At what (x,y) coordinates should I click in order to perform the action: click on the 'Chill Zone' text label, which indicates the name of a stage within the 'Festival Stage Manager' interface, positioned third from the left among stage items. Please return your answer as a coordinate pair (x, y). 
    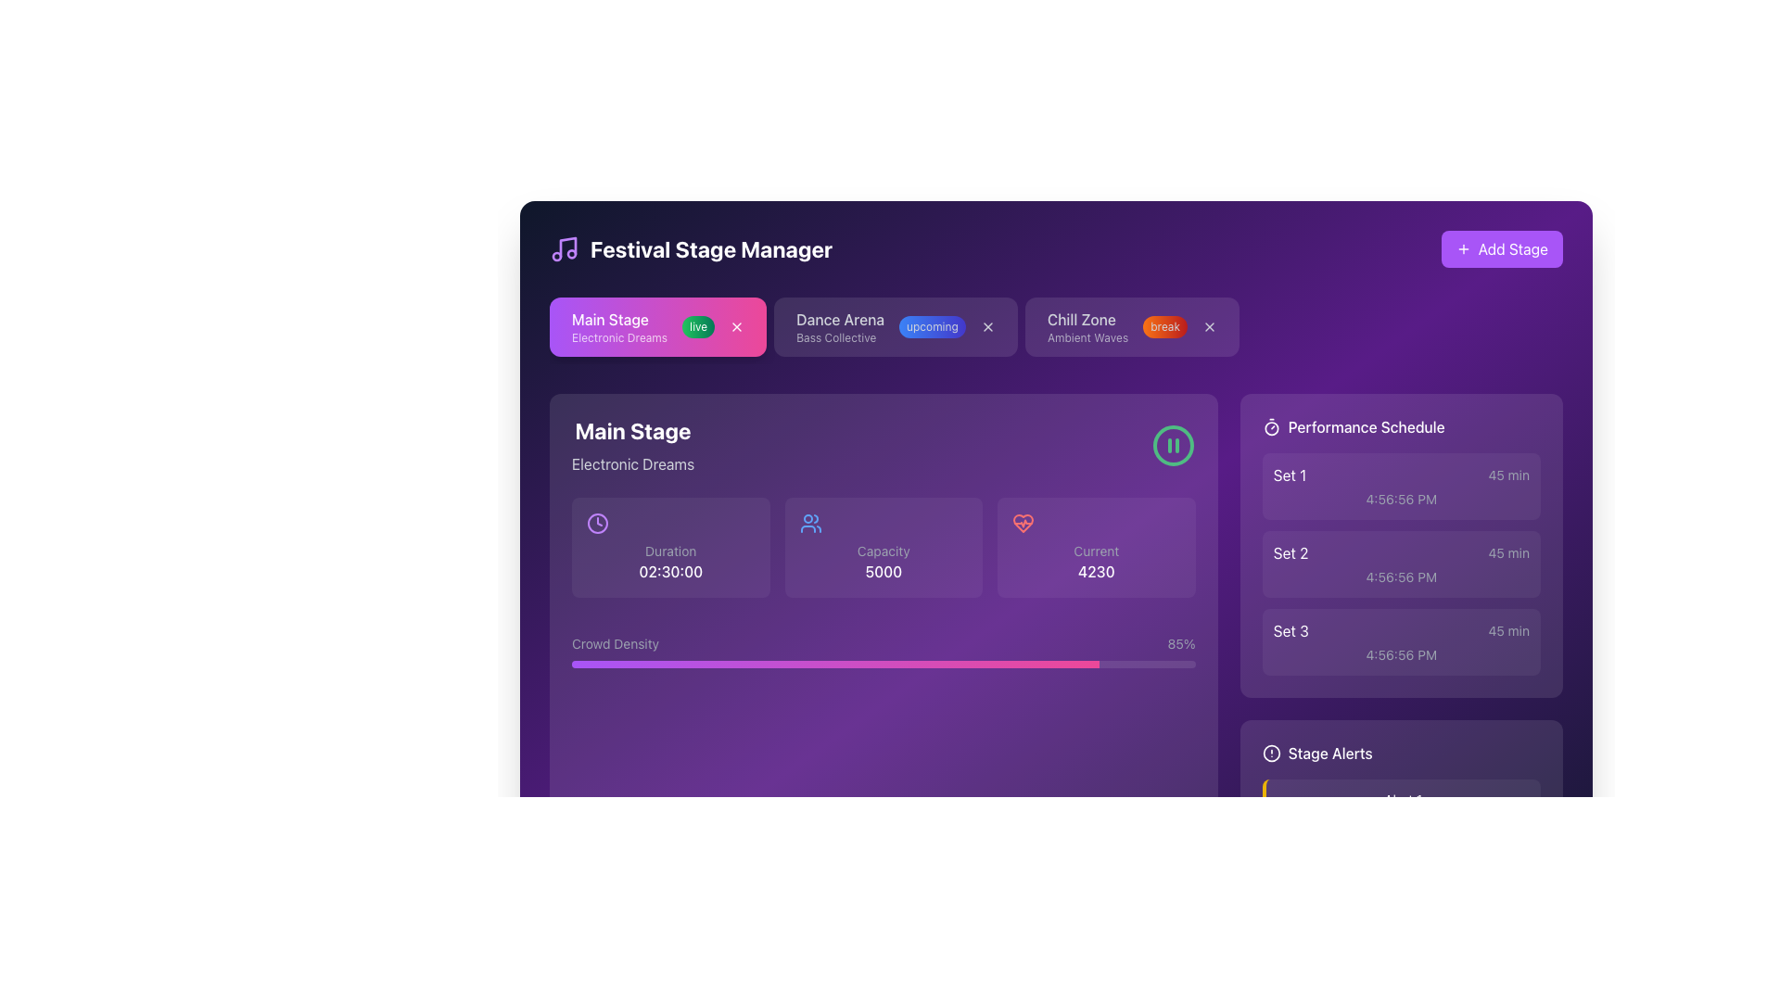
    Looking at the image, I should click on (1081, 318).